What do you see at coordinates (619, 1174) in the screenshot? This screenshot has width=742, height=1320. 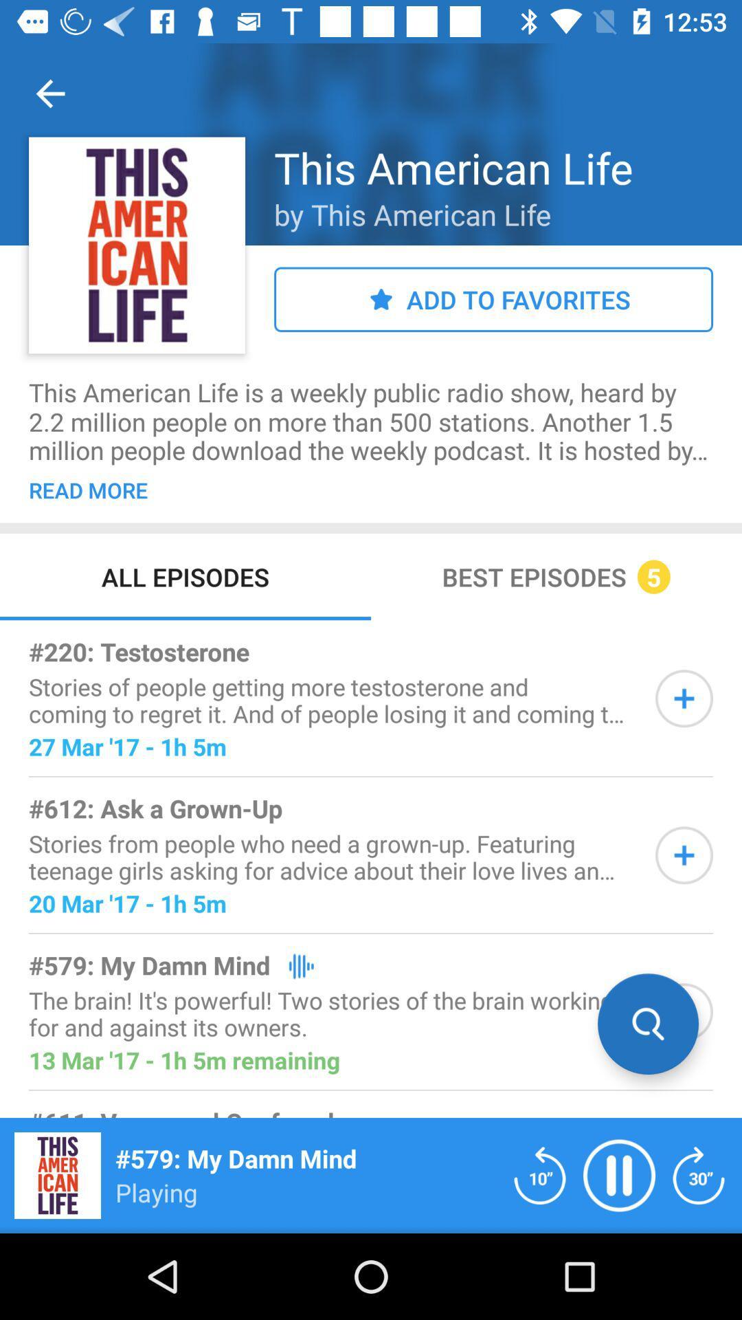 I see `the pause icon` at bounding box center [619, 1174].